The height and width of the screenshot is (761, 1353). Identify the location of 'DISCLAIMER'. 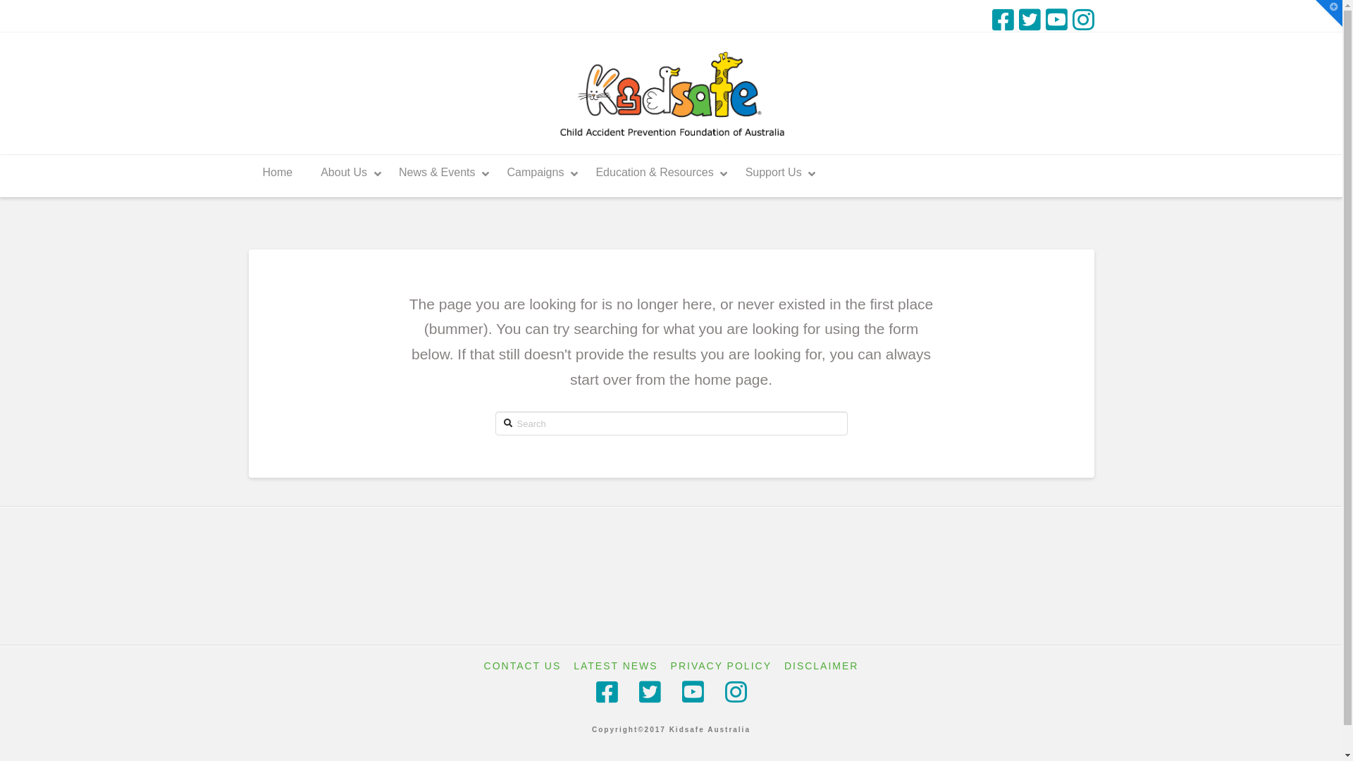
(822, 666).